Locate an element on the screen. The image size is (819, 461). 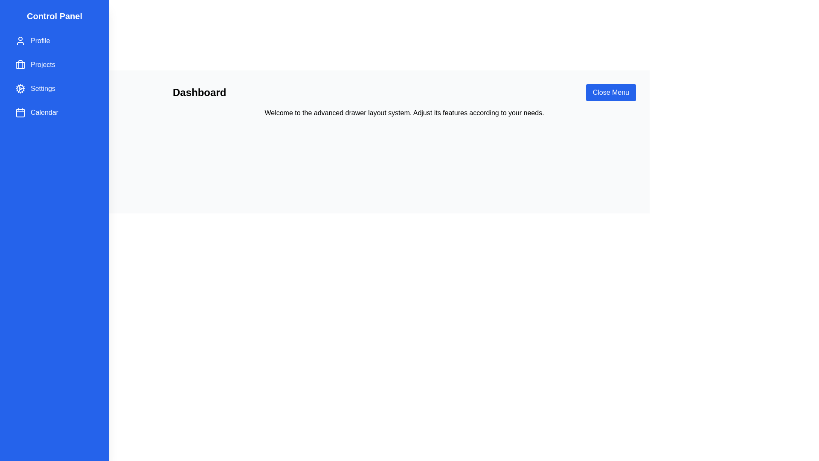
the cogwheel icon representing settings functionality in the left-hand side navigation bar, located adjacent to the 'Settings' text label is located at coordinates (20, 89).